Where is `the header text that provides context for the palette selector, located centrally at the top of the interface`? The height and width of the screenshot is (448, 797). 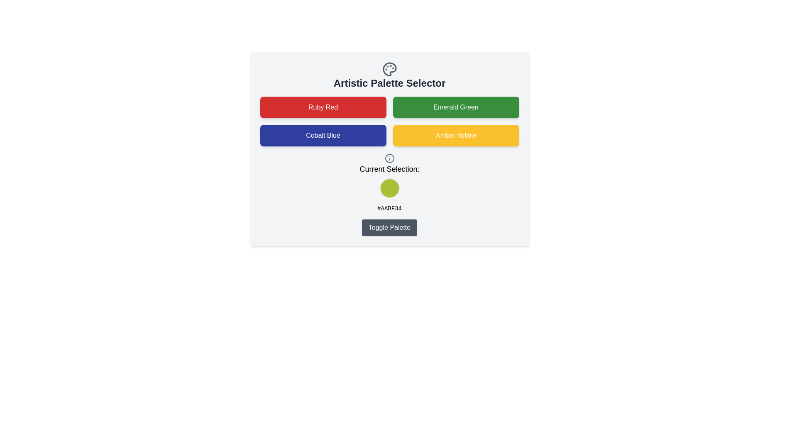
the header text that provides context for the palette selector, located centrally at the top of the interface is located at coordinates (389, 83).